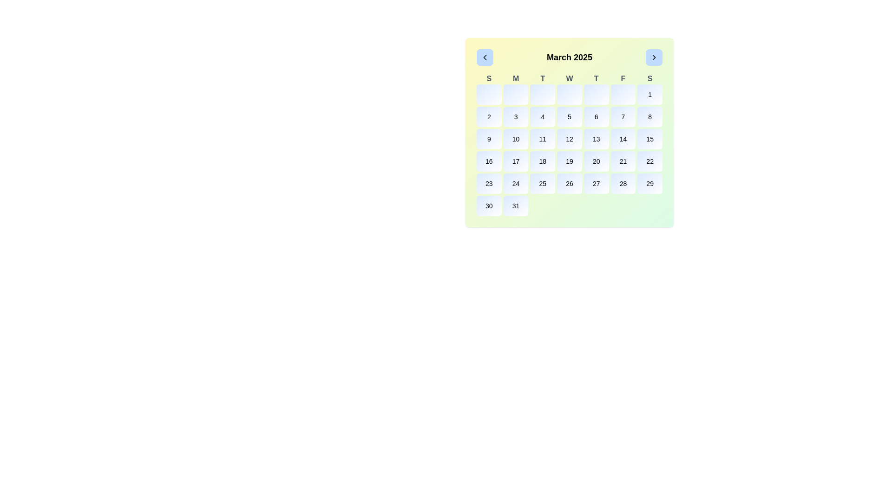  Describe the element at coordinates (543, 139) in the screenshot. I see `the interactive button representing the date '11' in the calendar interface` at that location.